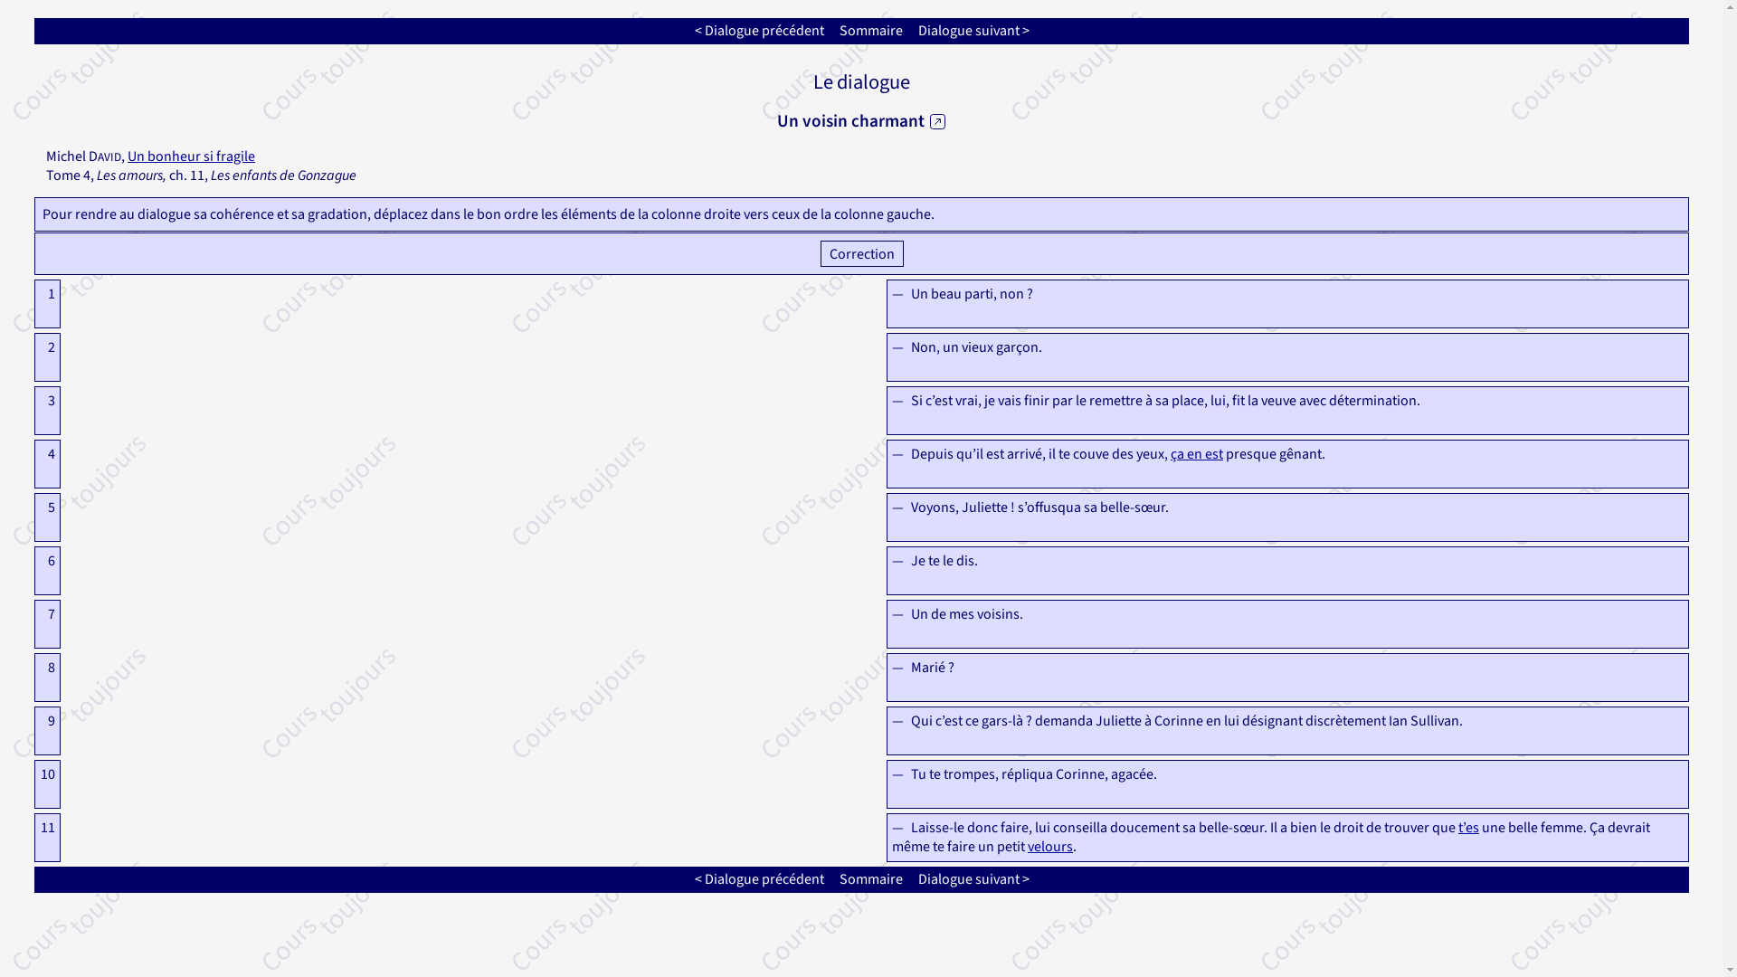 This screenshot has height=977, width=1737. Describe the element at coordinates (859, 253) in the screenshot. I see `' Correction '` at that location.